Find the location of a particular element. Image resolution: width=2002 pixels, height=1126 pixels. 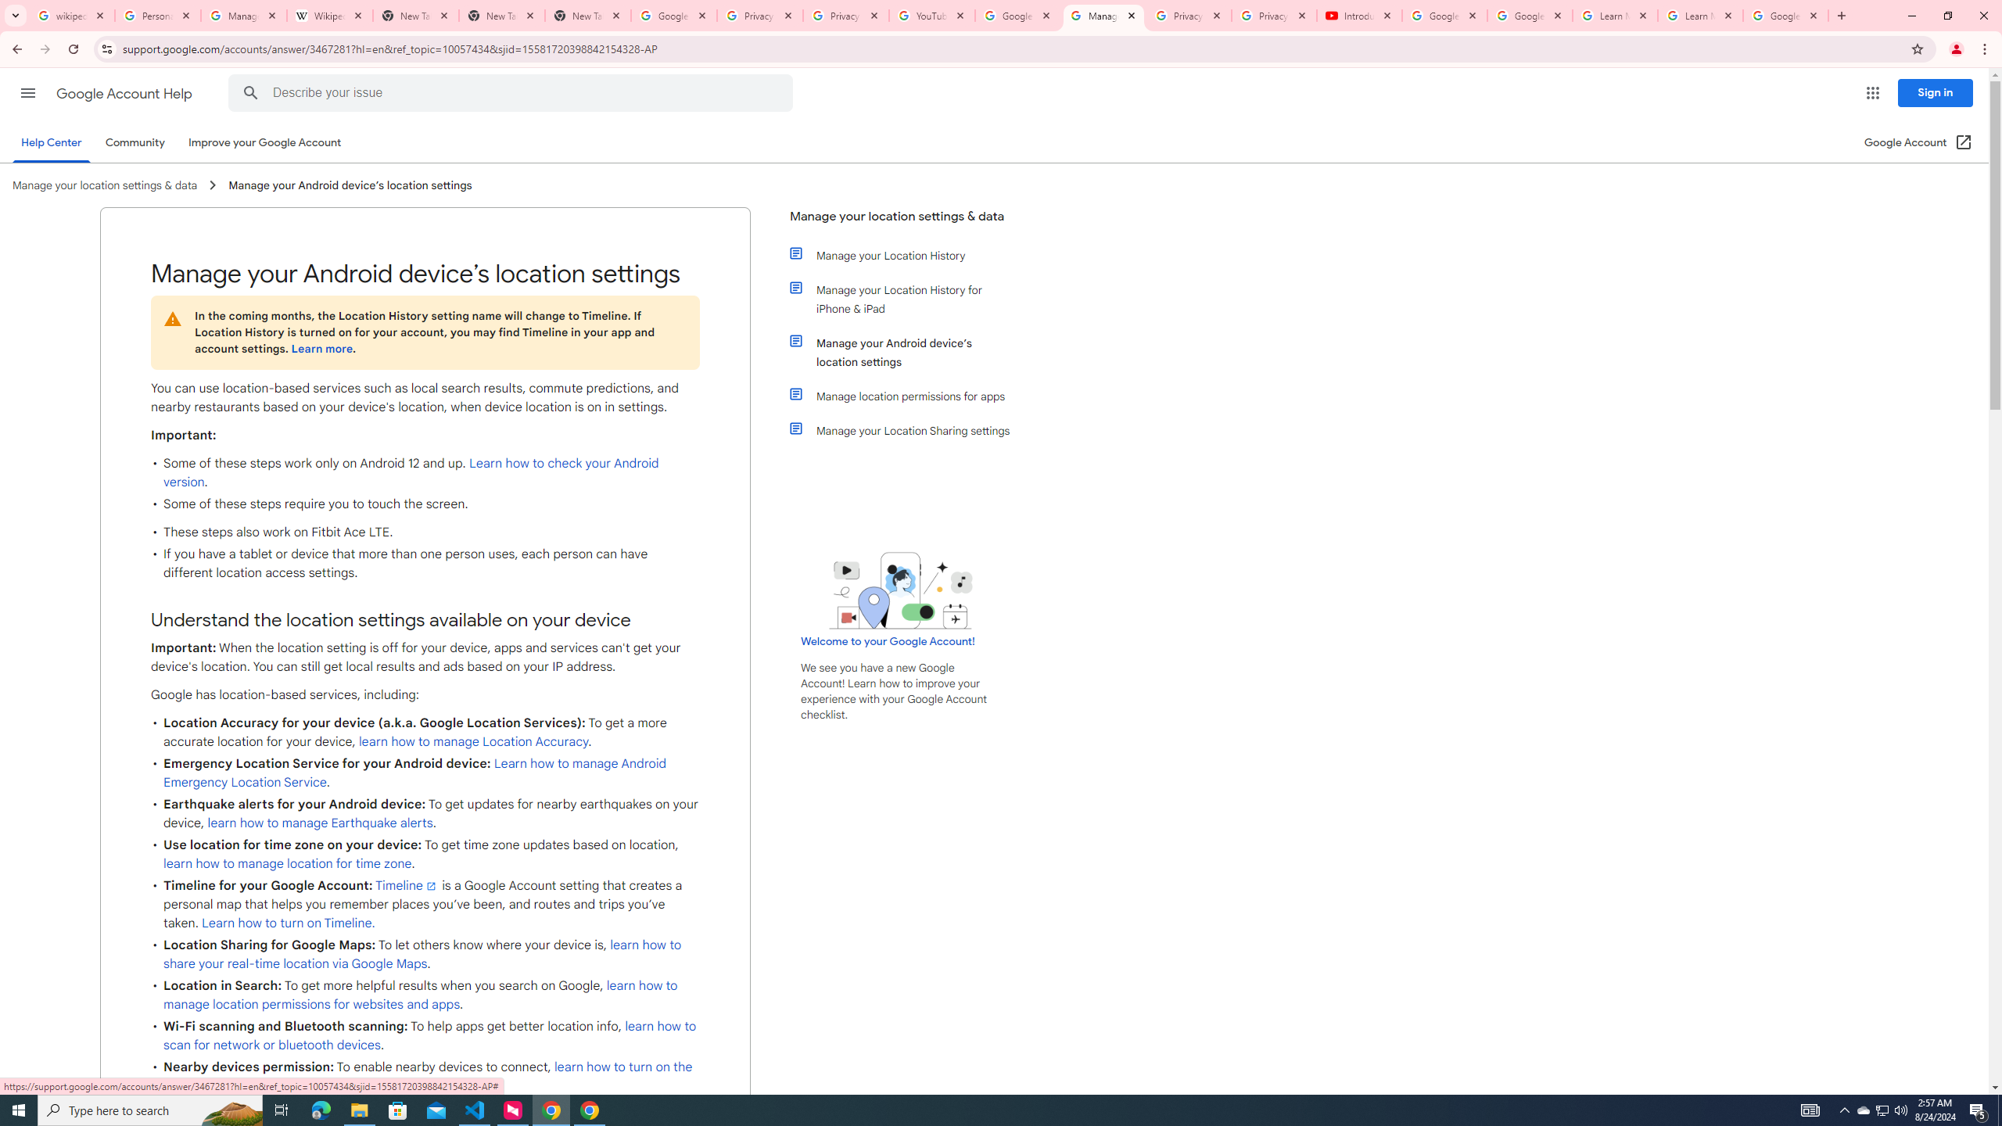

'Learn how to check your Android version' is located at coordinates (411, 472).